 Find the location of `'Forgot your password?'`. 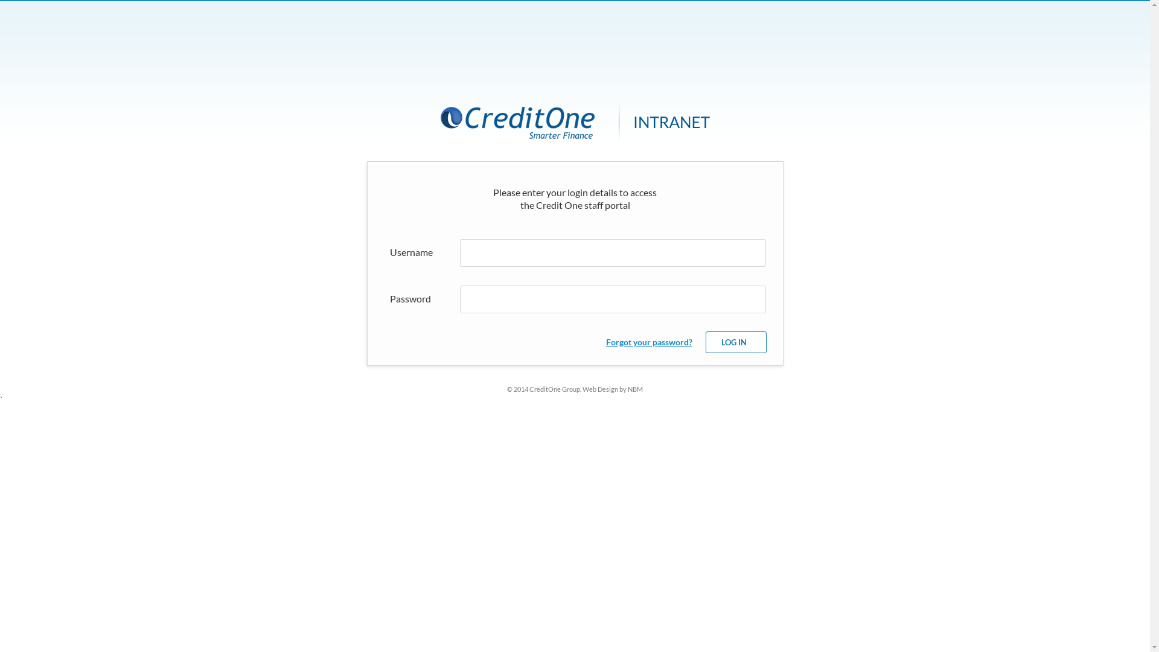

'Forgot your password?' is located at coordinates (605, 342).